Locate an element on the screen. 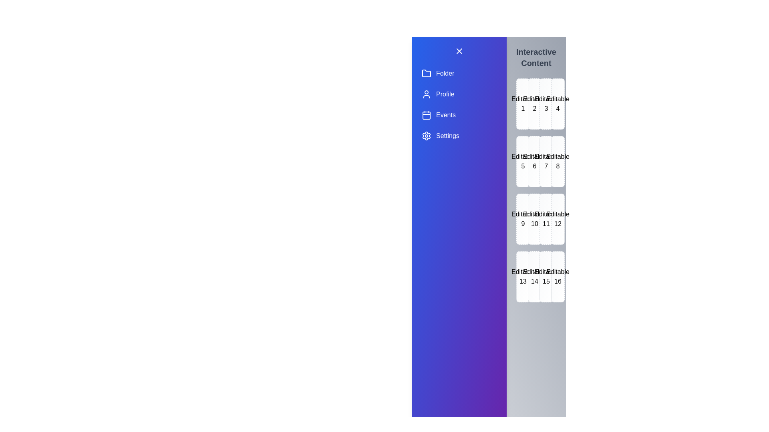 The height and width of the screenshot is (432, 769). the drawer item labeled Events is located at coordinates (459, 115).